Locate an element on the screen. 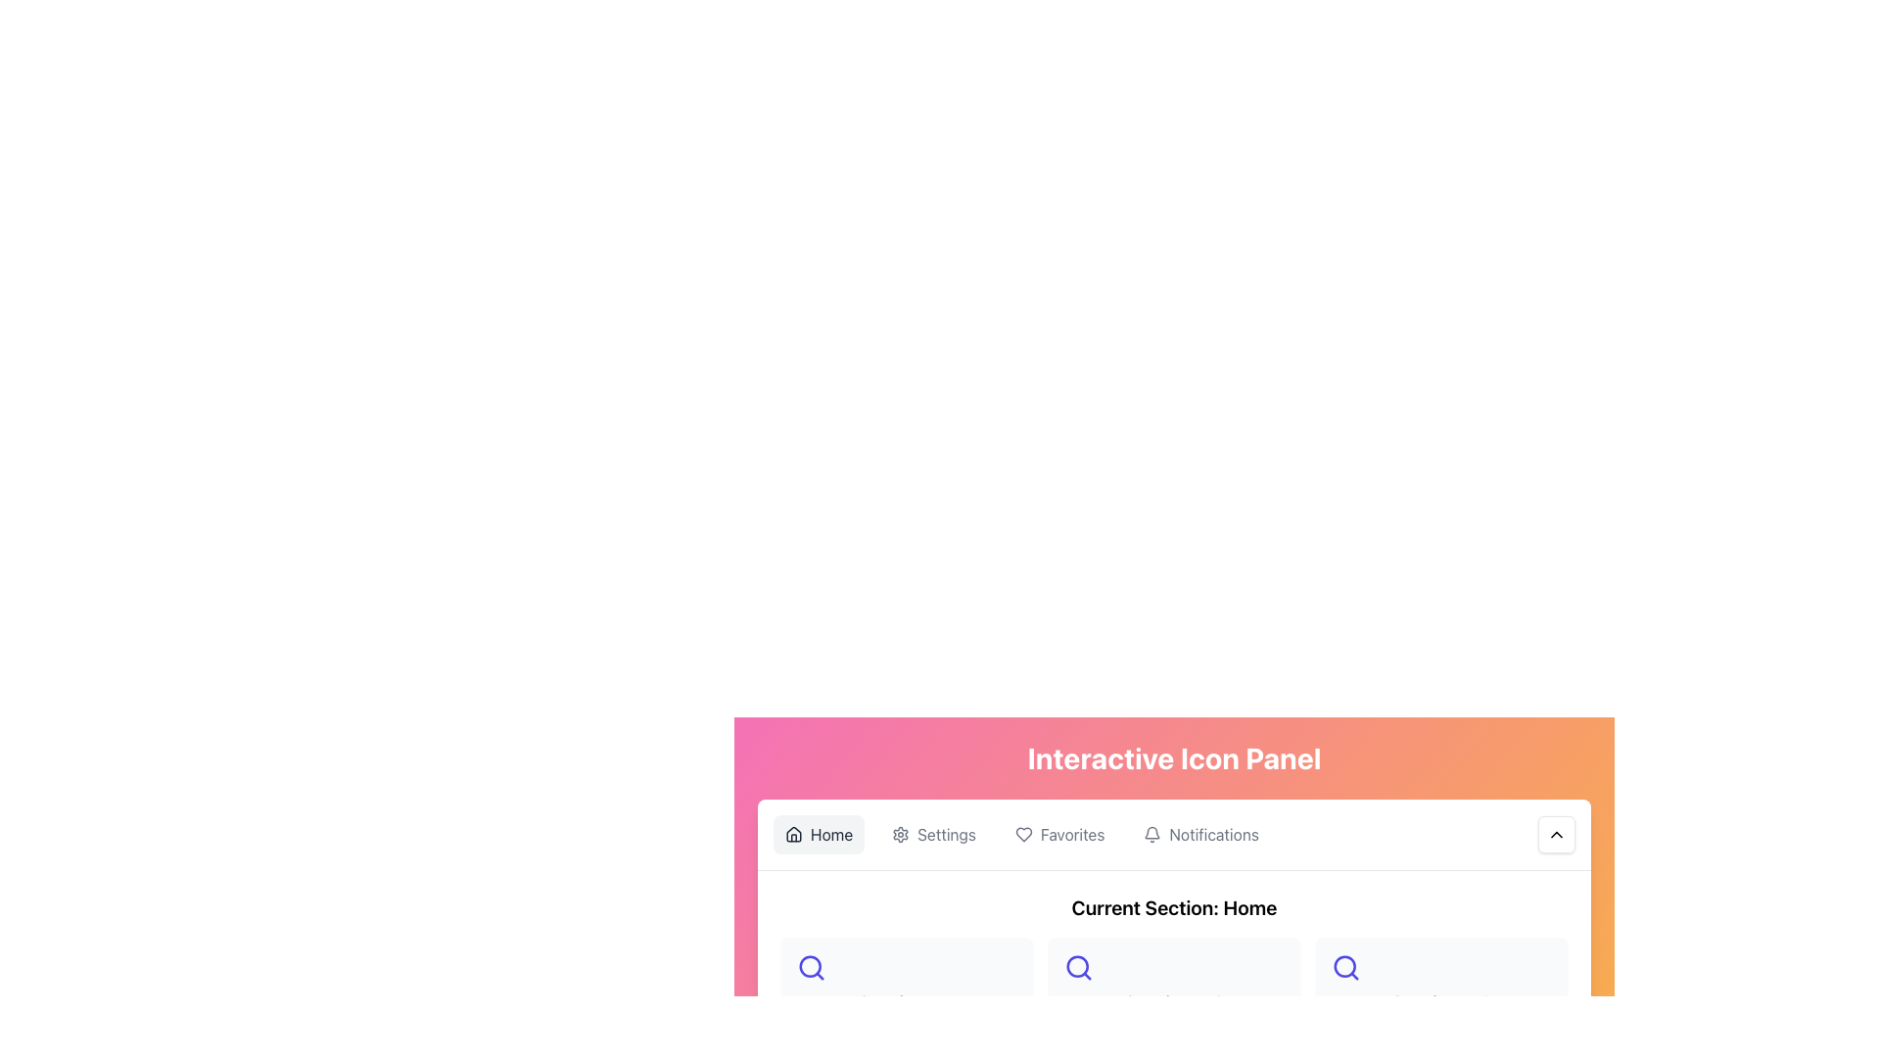  the second clickable card in a grid layout is located at coordinates (1174, 984).